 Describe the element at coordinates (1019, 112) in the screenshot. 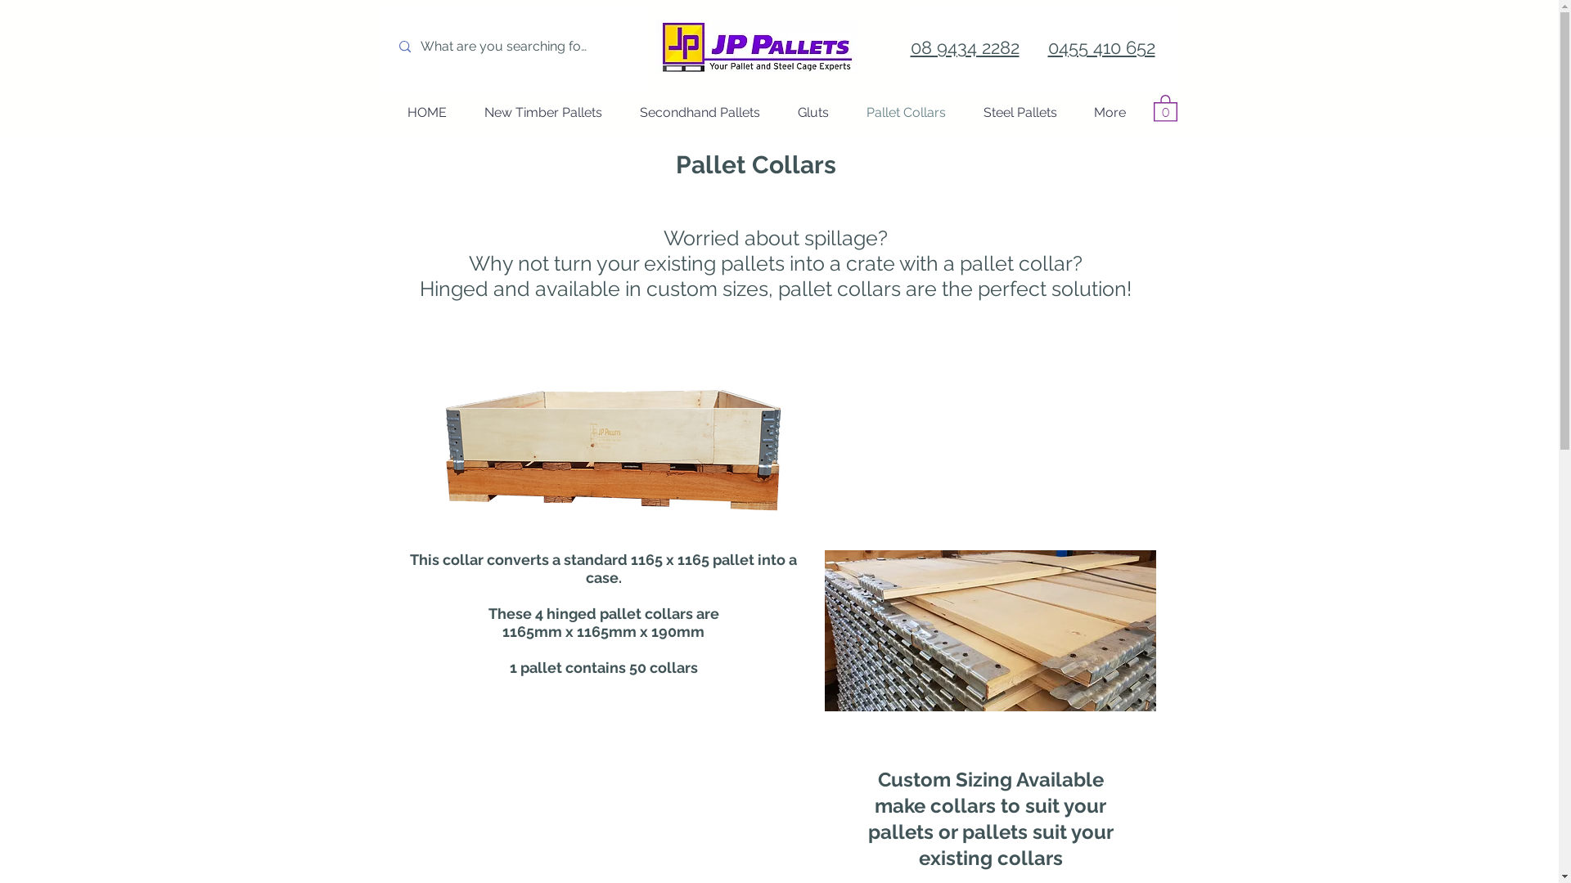

I see `'Steel Pallets'` at that location.